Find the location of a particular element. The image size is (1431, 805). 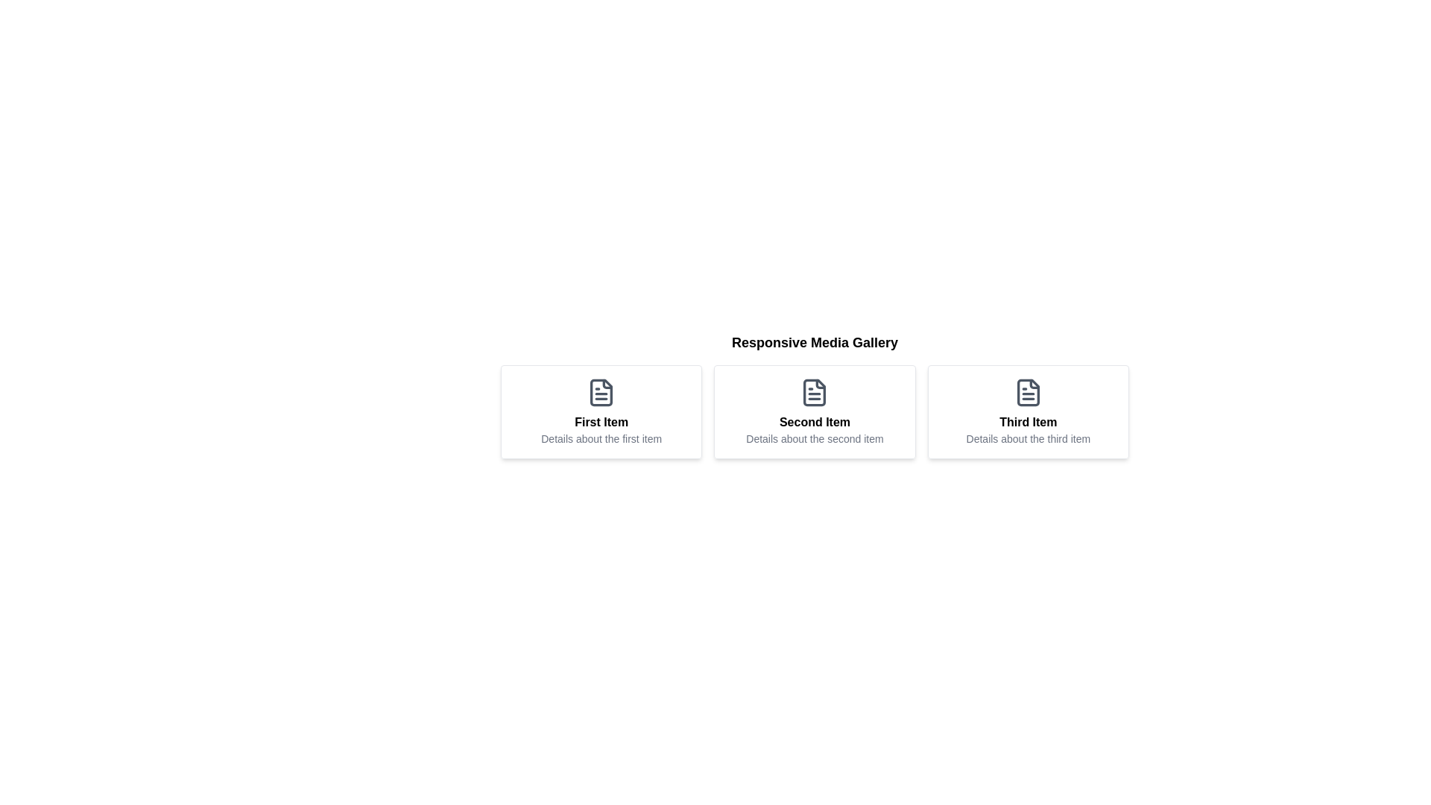

the rightmost card in the Responsive Media Gallery is located at coordinates (1027, 411).